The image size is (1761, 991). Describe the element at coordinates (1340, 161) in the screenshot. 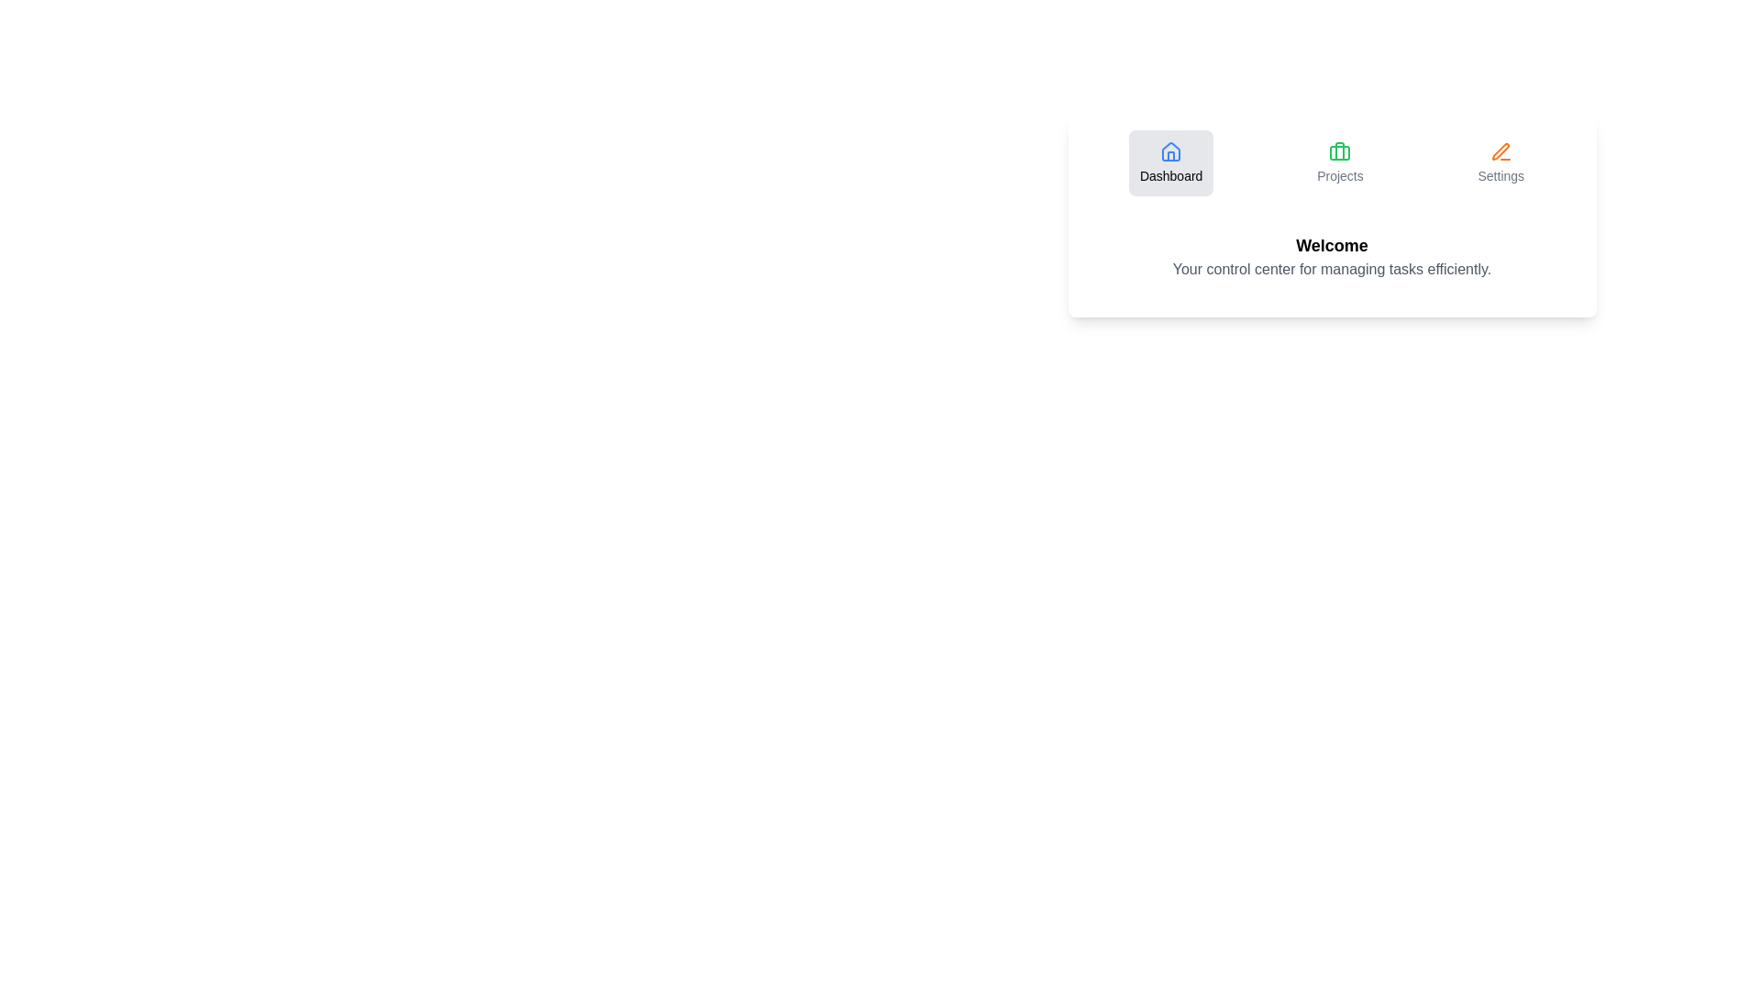

I see `the Projects tab` at that location.